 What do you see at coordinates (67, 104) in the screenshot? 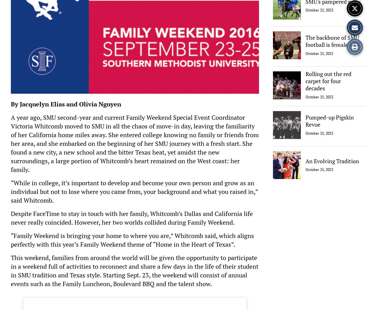
I see `'By Jacquelyn Elias and Olivia Nguyen'` at bounding box center [67, 104].